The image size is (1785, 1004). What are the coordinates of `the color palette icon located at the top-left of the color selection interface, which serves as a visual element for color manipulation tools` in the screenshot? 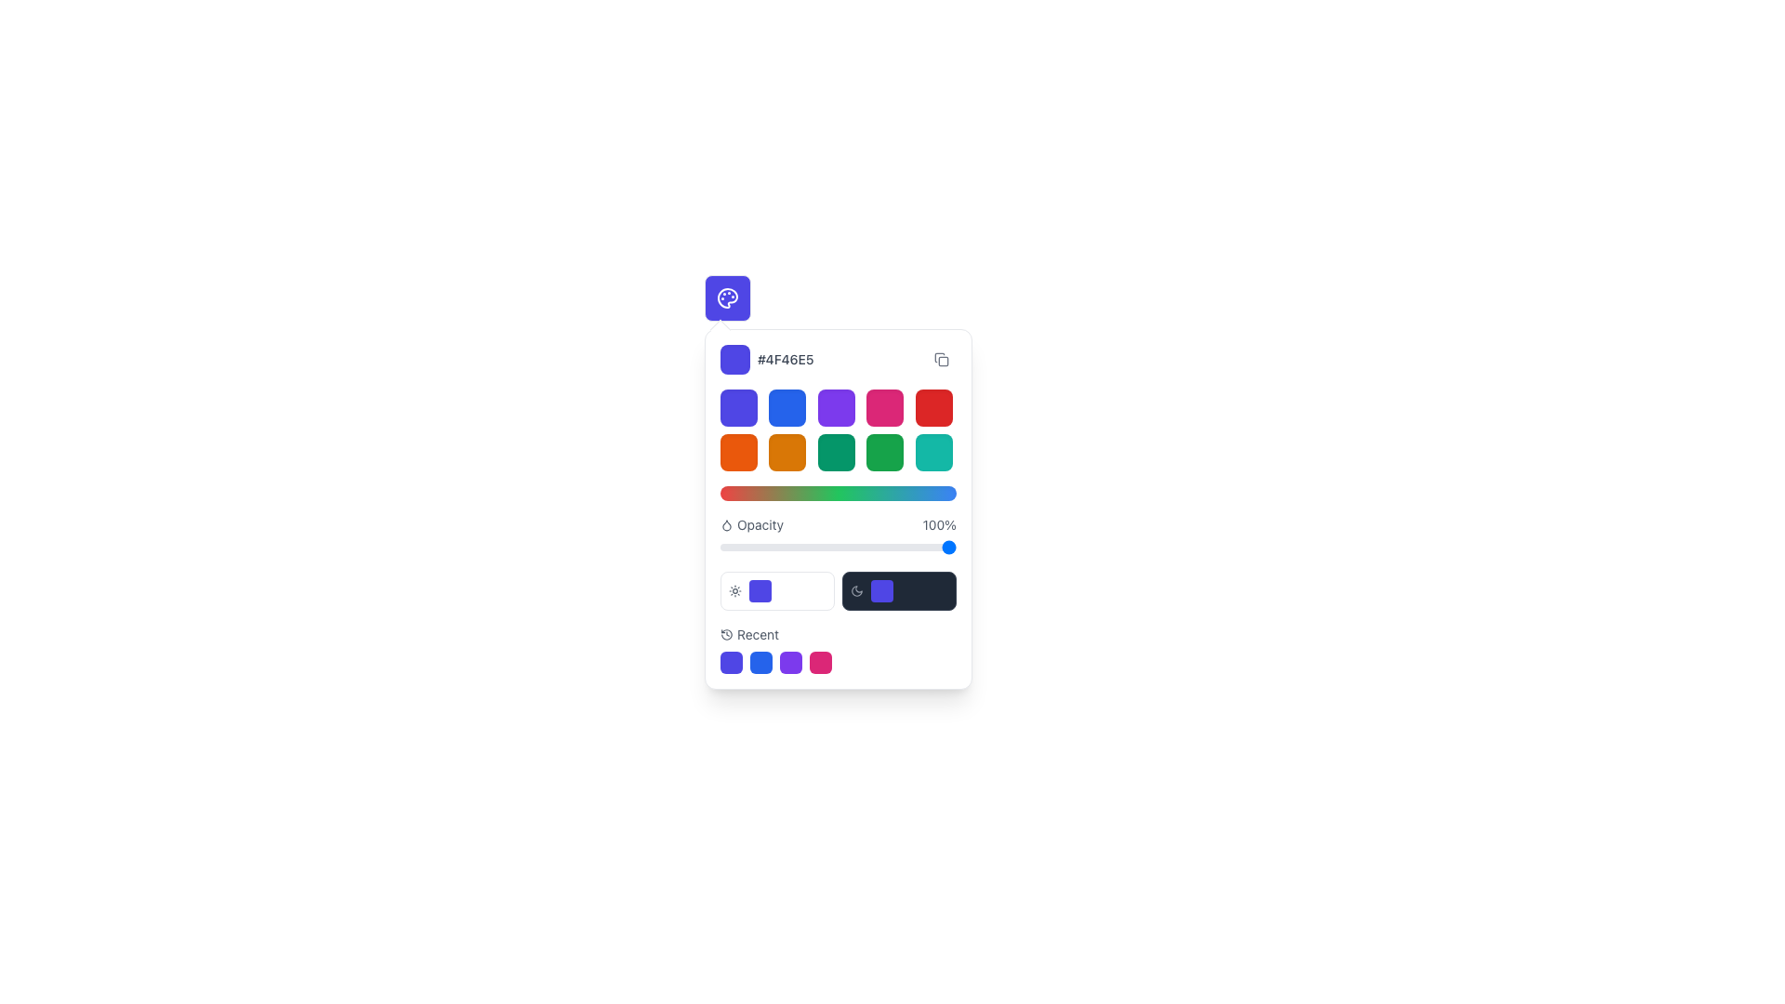 It's located at (726, 297).